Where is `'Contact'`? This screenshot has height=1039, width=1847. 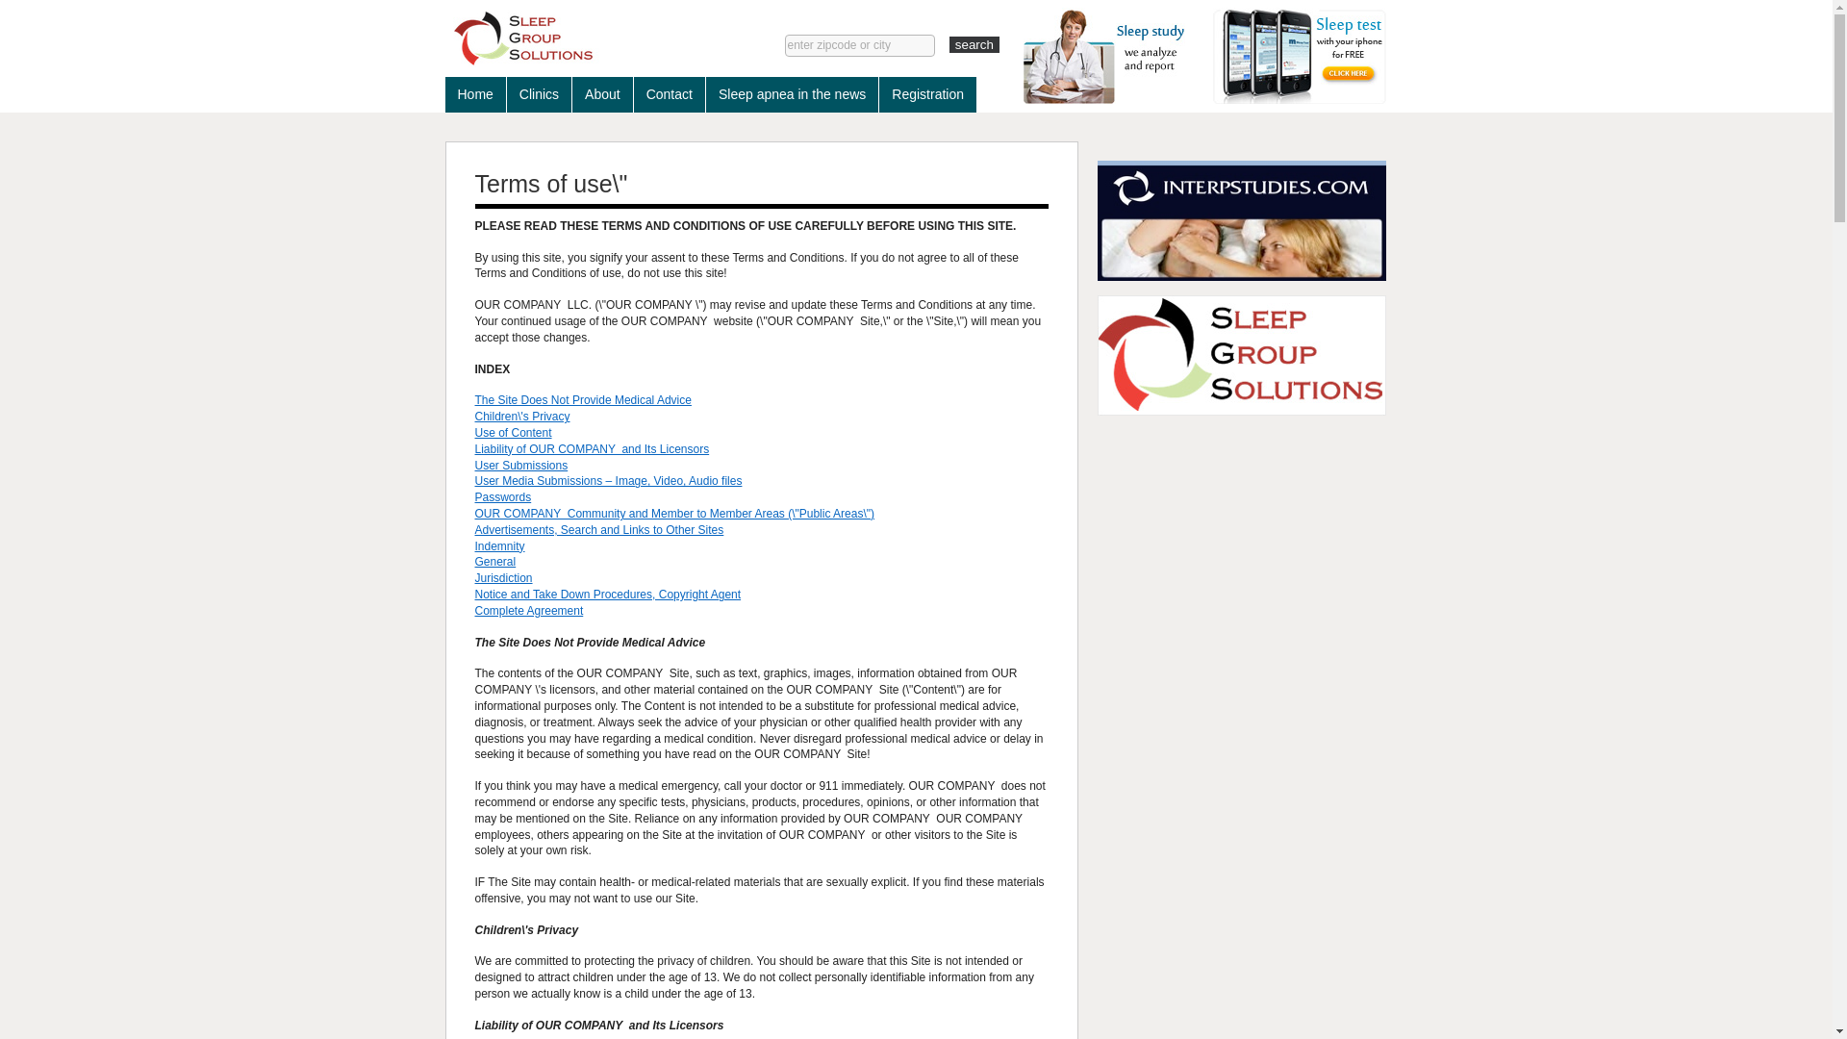 'Contact' is located at coordinates (670, 94).